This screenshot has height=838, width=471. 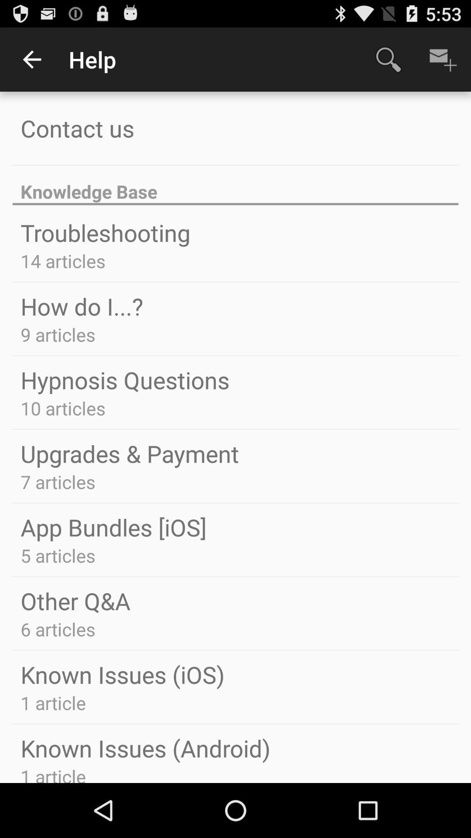 I want to click on the app bundles [ios] icon, so click(x=113, y=526).